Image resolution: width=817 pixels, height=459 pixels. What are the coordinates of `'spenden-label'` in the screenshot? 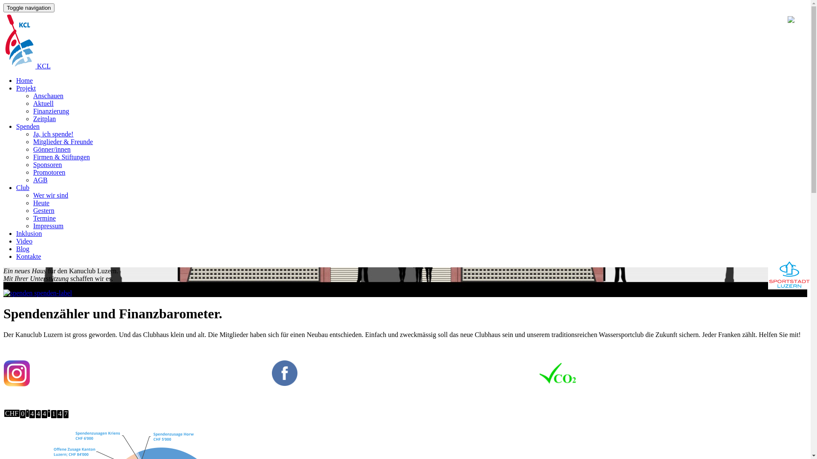 It's located at (37, 292).